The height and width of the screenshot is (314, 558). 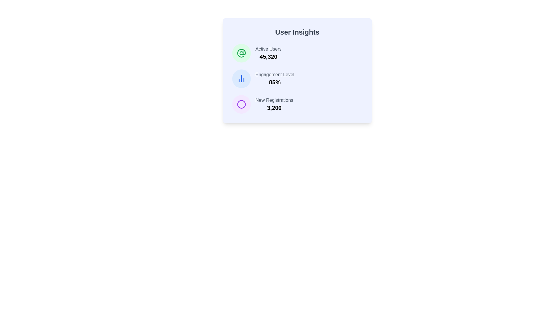 What do you see at coordinates (241, 53) in the screenshot?
I see `the green '@' sign icon located to the left of the 'Active Users' text label in the user statistics list` at bounding box center [241, 53].